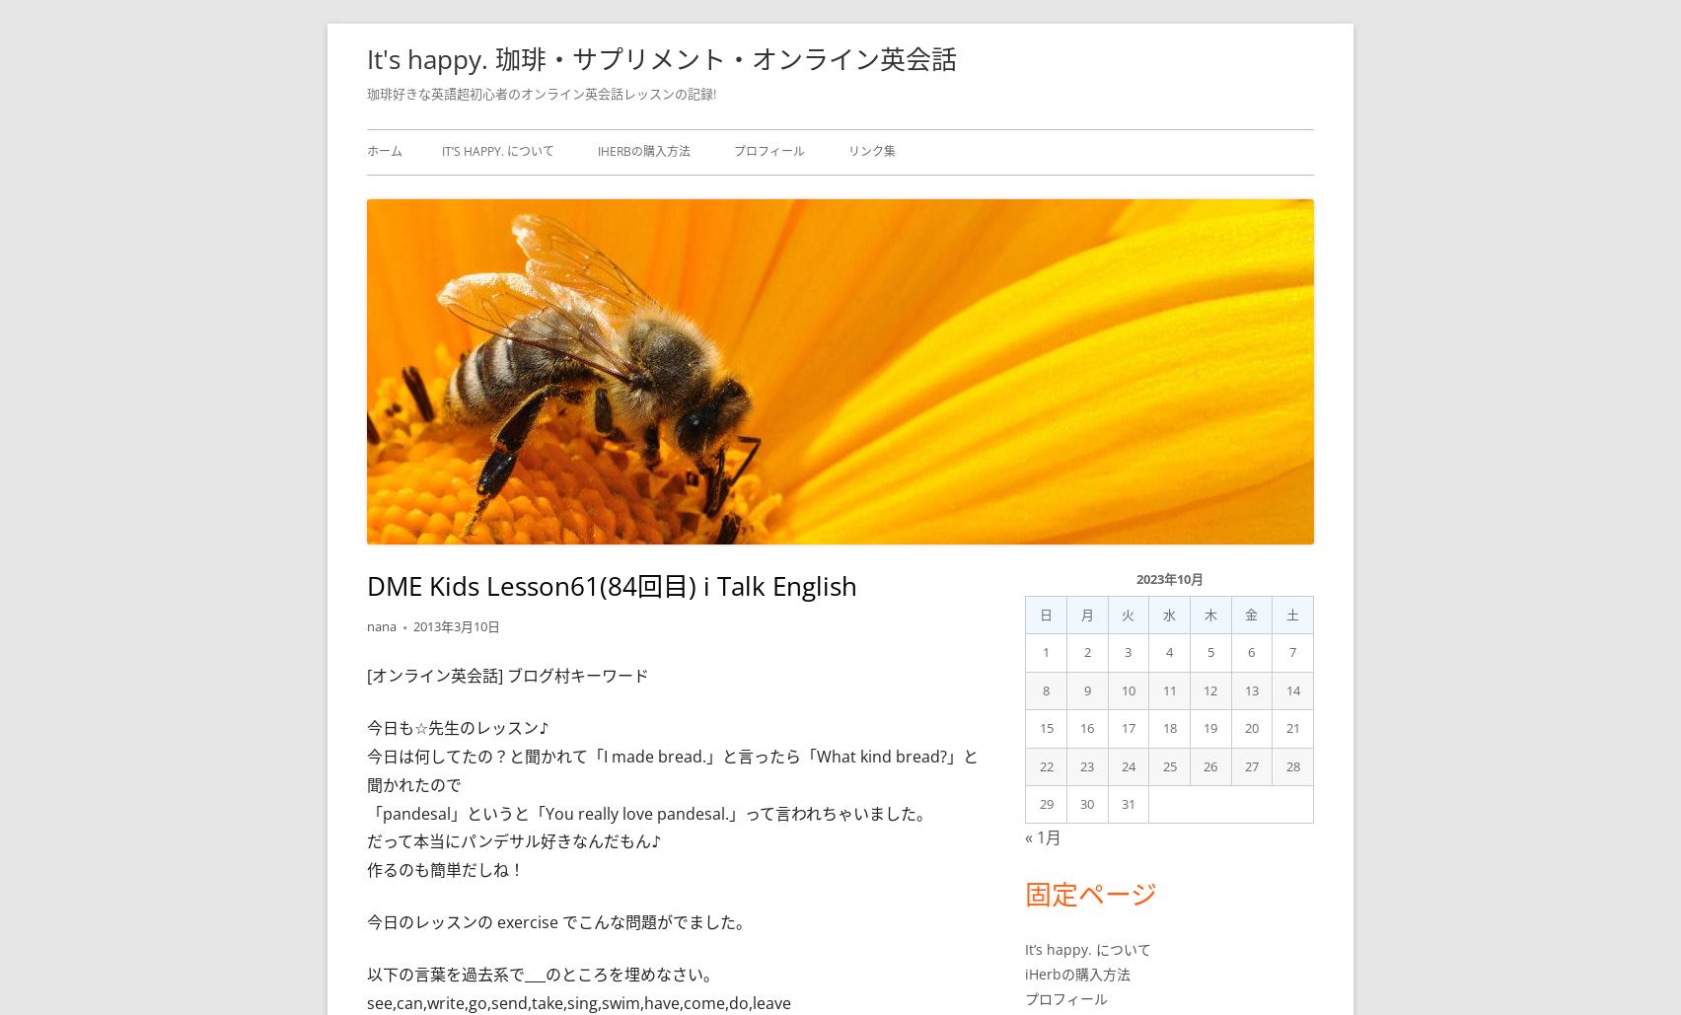  What do you see at coordinates (1249, 727) in the screenshot?
I see `'20'` at bounding box center [1249, 727].